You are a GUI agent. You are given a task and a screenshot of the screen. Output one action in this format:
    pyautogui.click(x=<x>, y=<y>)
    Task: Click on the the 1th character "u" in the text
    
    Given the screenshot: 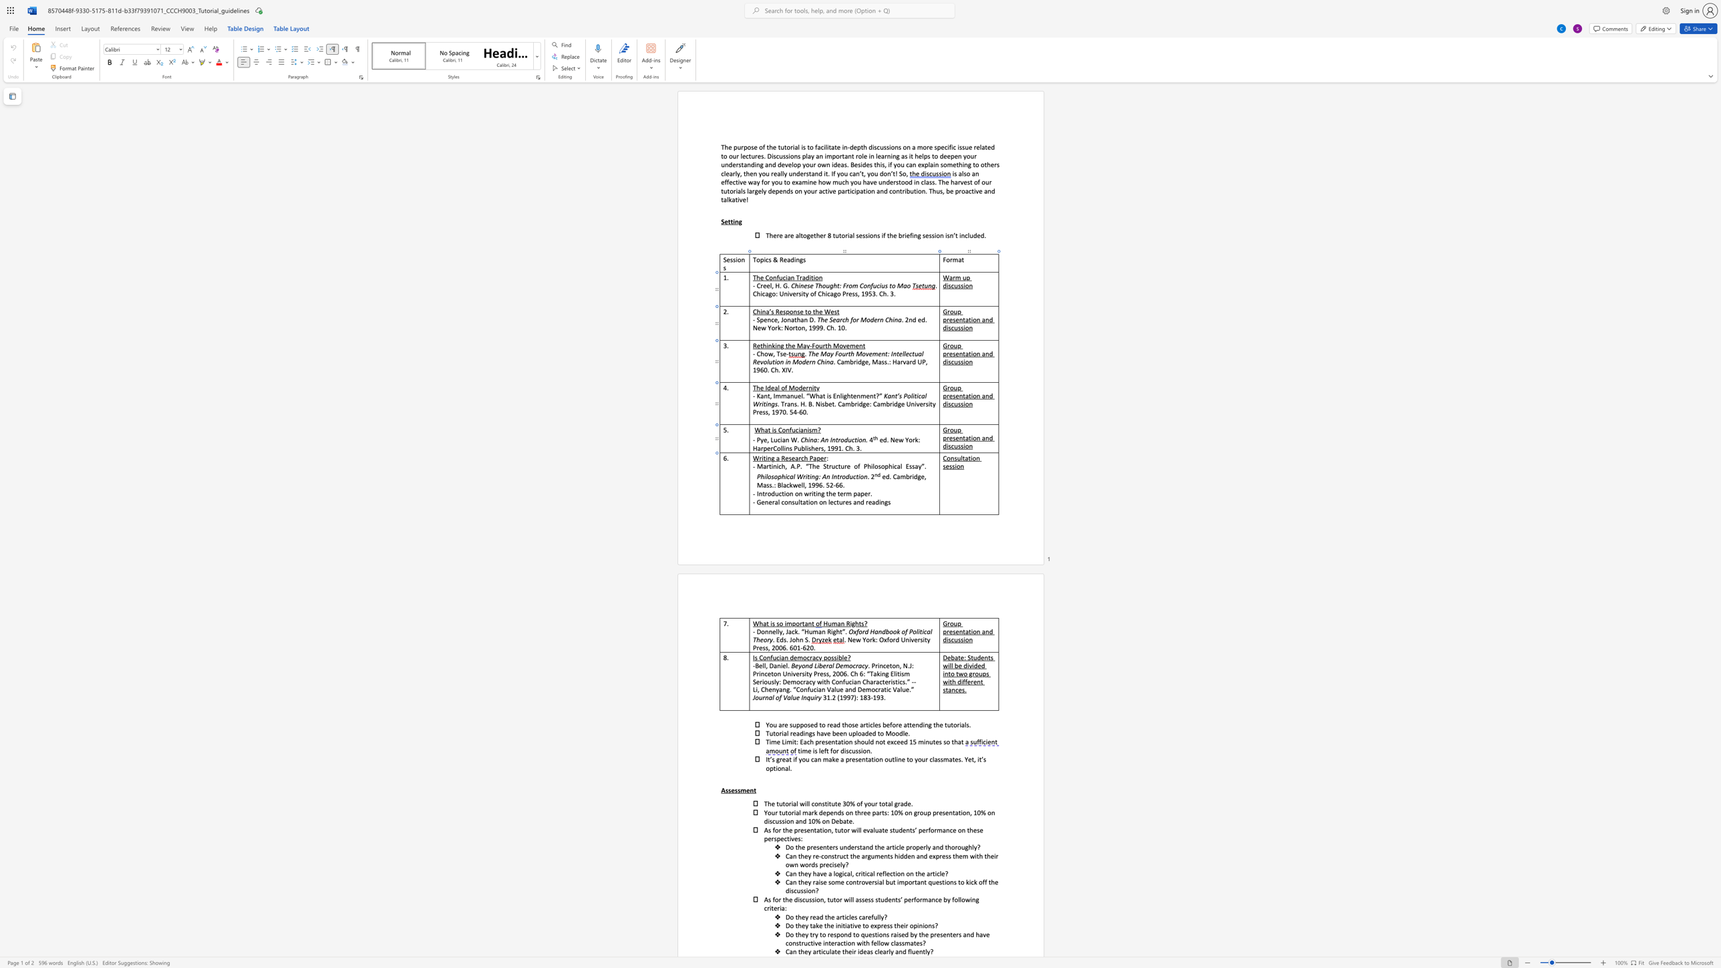 What is the action you would take?
    pyautogui.click(x=799, y=448)
    